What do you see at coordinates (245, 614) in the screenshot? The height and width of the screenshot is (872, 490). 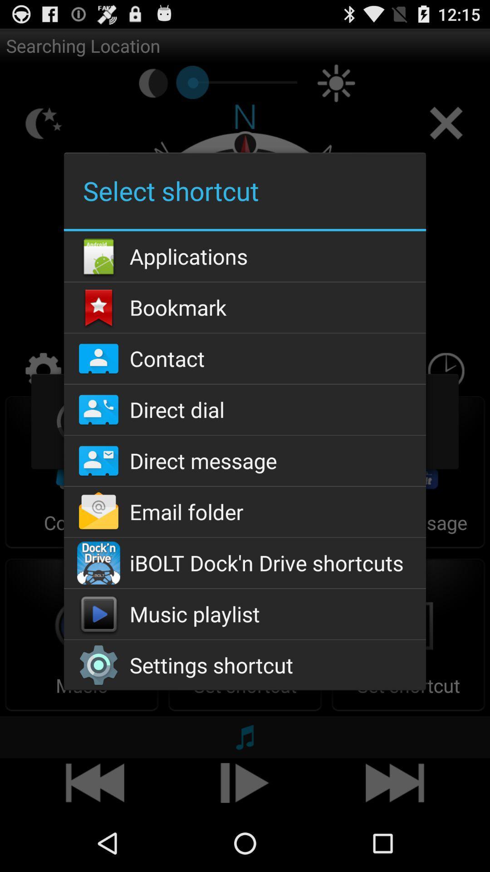 I see `the item below ibolt dock n app` at bounding box center [245, 614].